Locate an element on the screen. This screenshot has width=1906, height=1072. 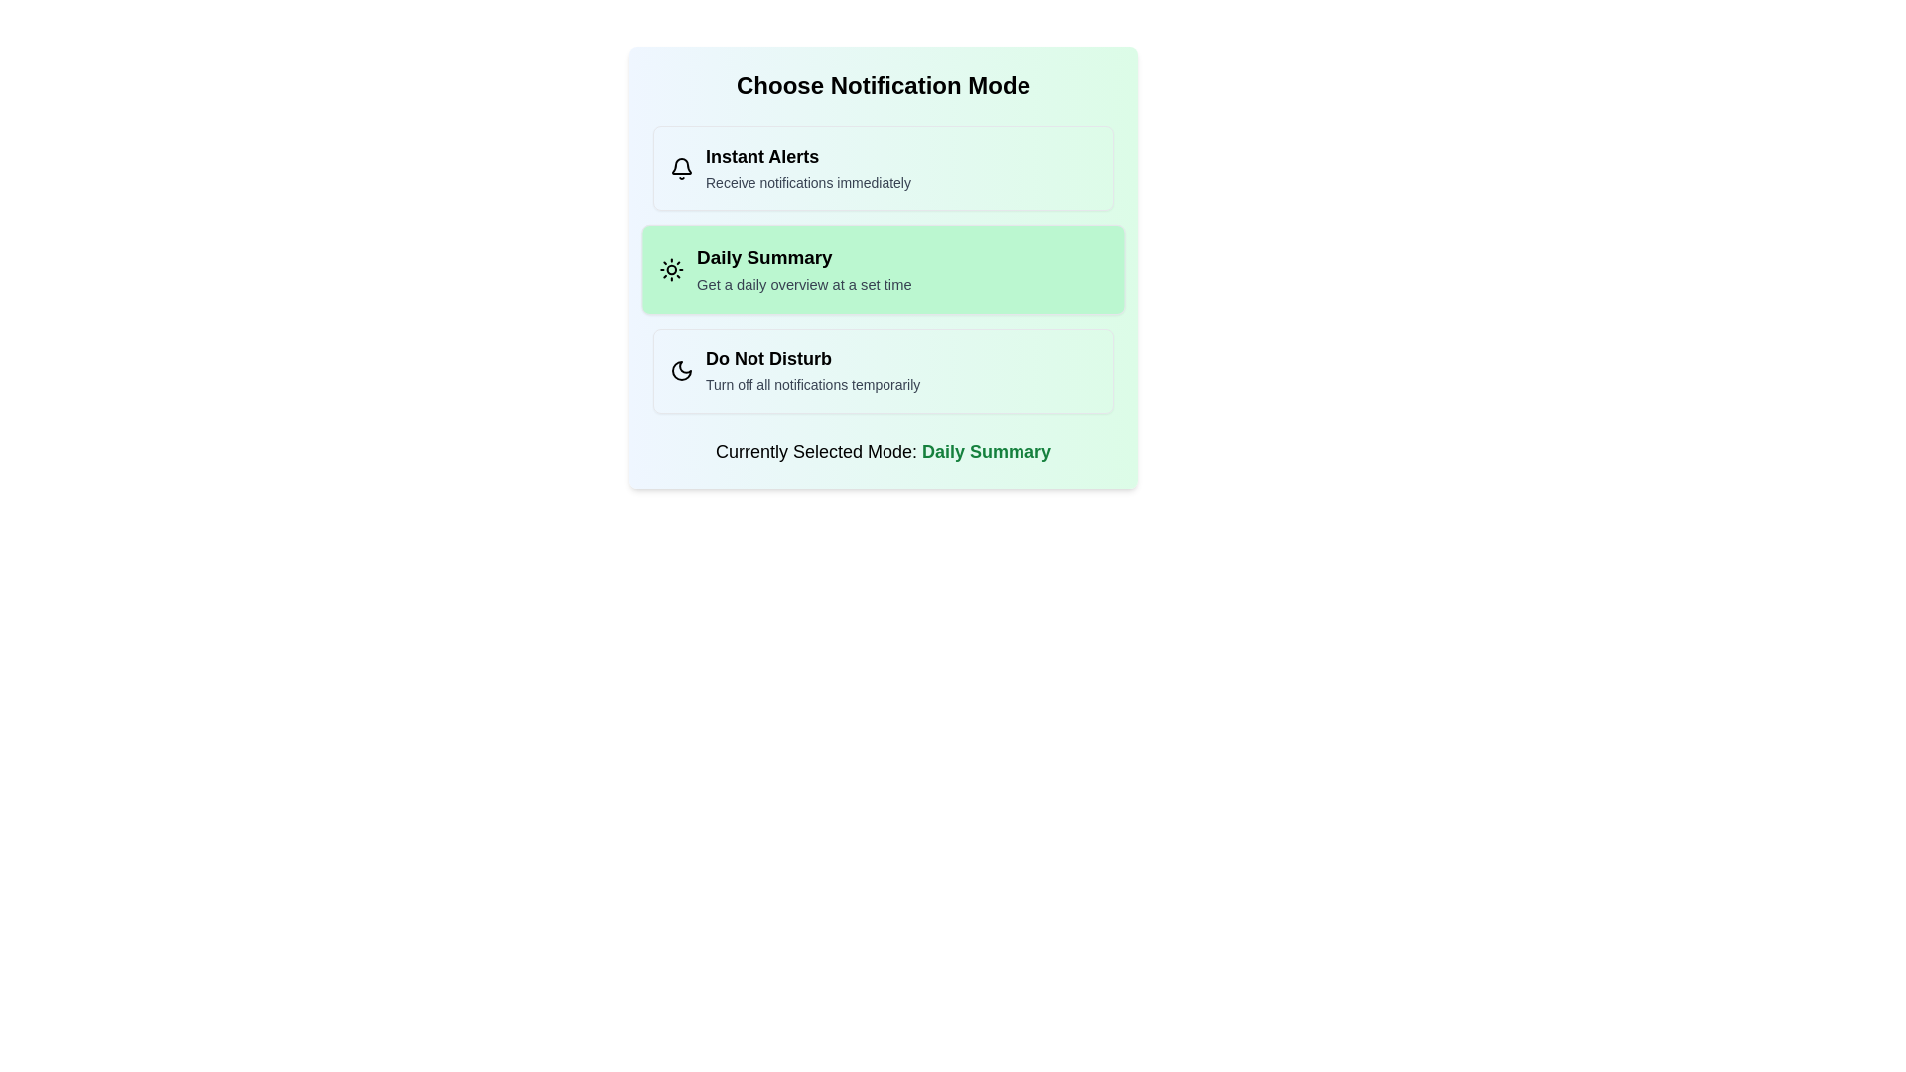
the static text that reads 'Turn off all notifications temporarily', which is located below the 'Do Not Disturb' header in the third option section of the list is located at coordinates (813, 385).